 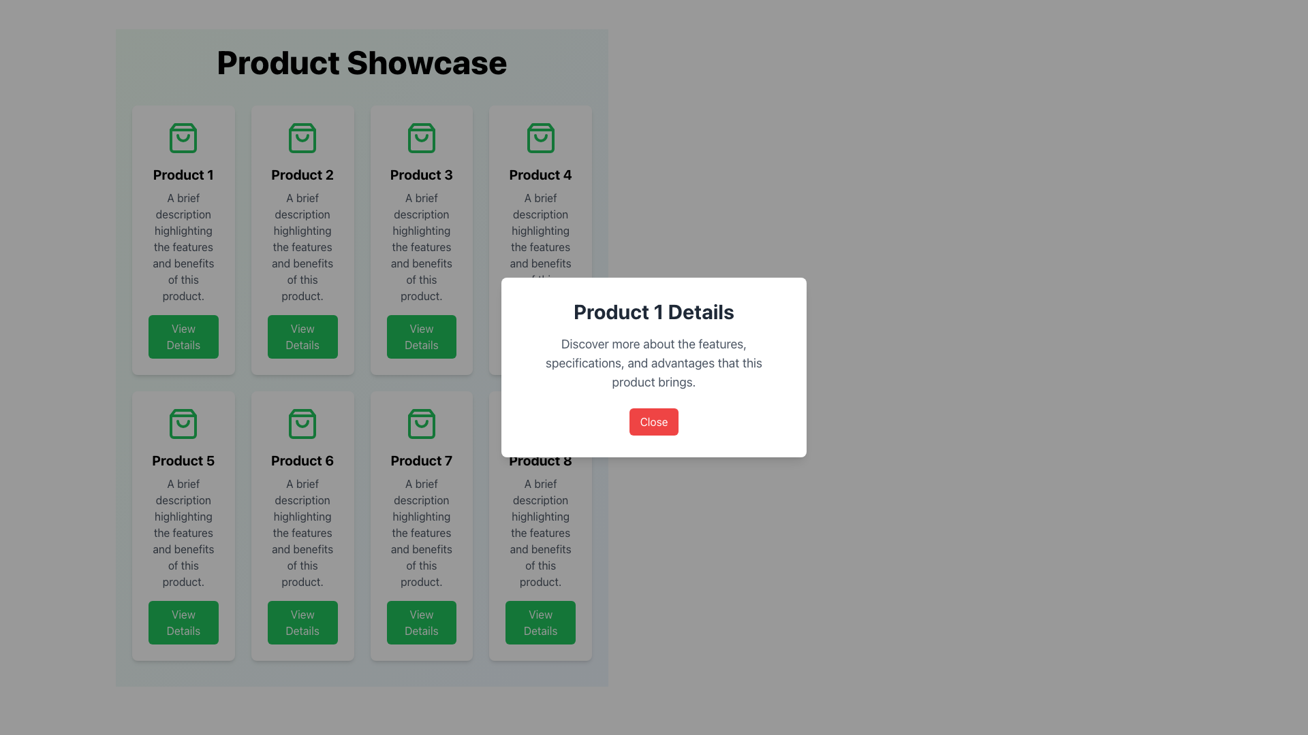 I want to click on the shopping bag icon located at the top center of the 'Product 1' card, so click(x=183, y=138).